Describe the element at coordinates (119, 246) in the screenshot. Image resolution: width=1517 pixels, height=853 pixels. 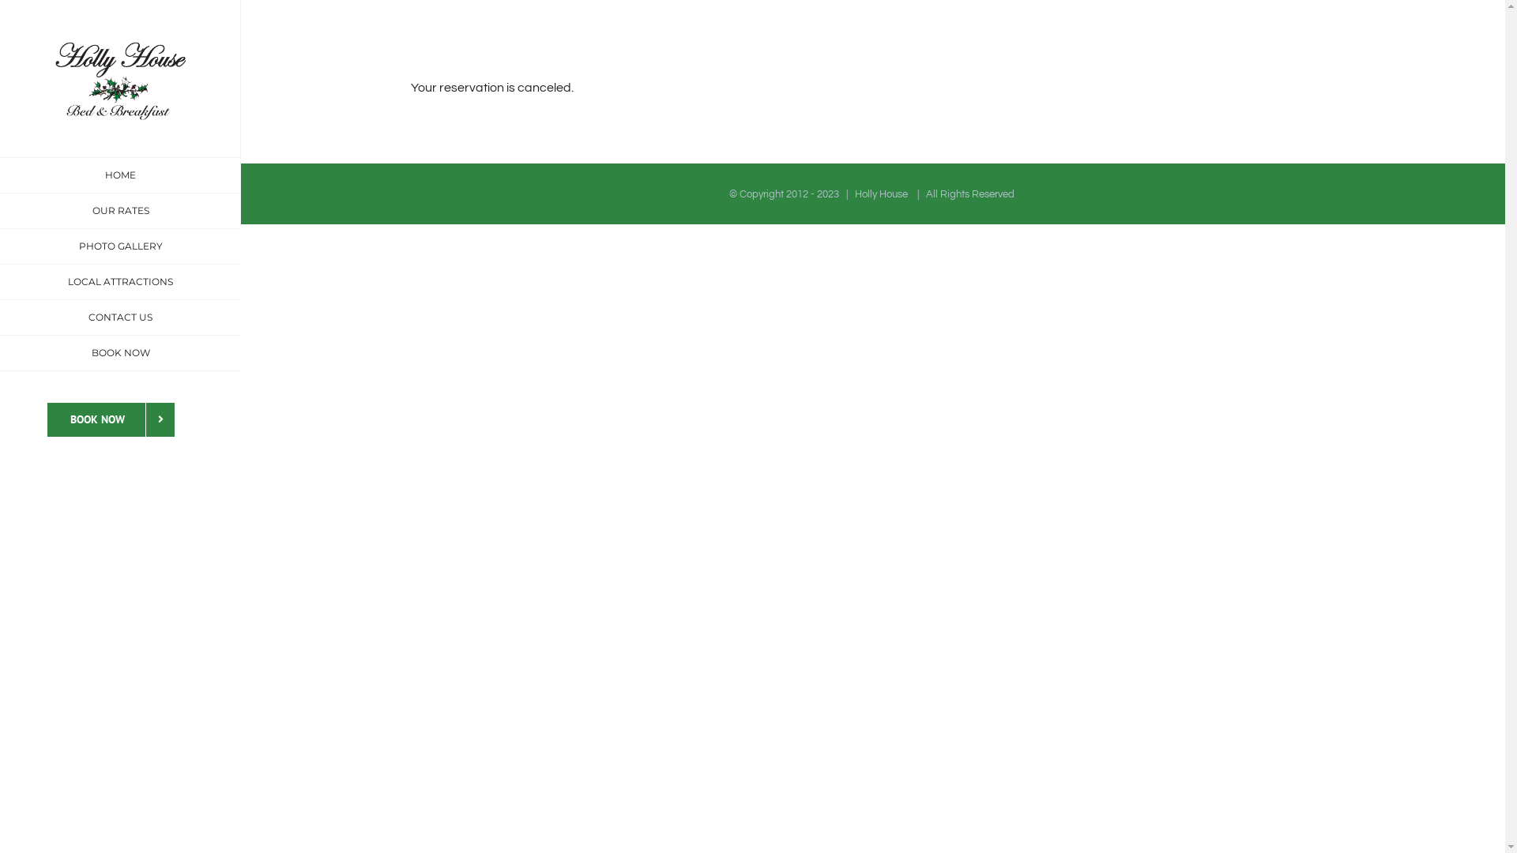
I see `'PHOTO GALLERY'` at that location.